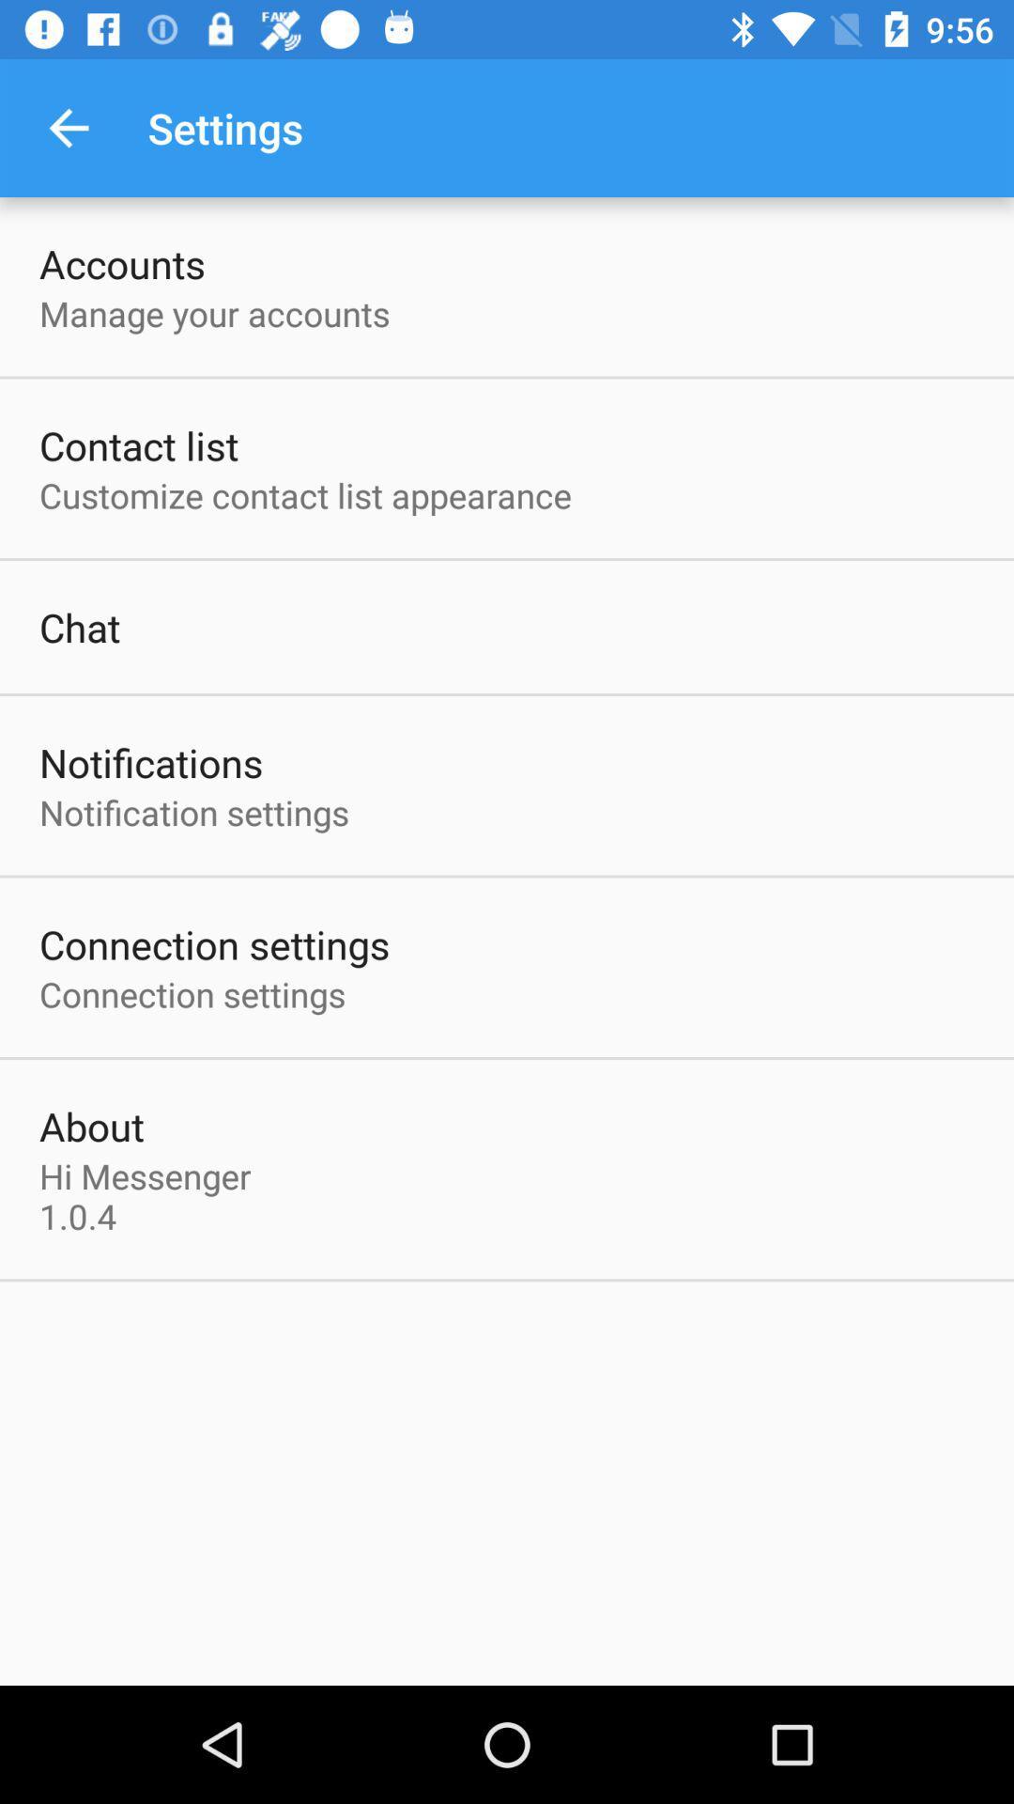  Describe the element at coordinates (194, 812) in the screenshot. I see `the icon below the notifications item` at that location.